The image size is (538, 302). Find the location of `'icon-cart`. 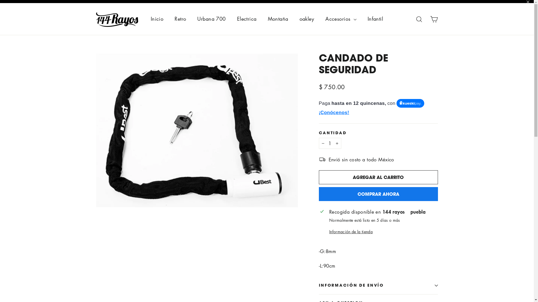

'icon-cart is located at coordinates (433, 19).